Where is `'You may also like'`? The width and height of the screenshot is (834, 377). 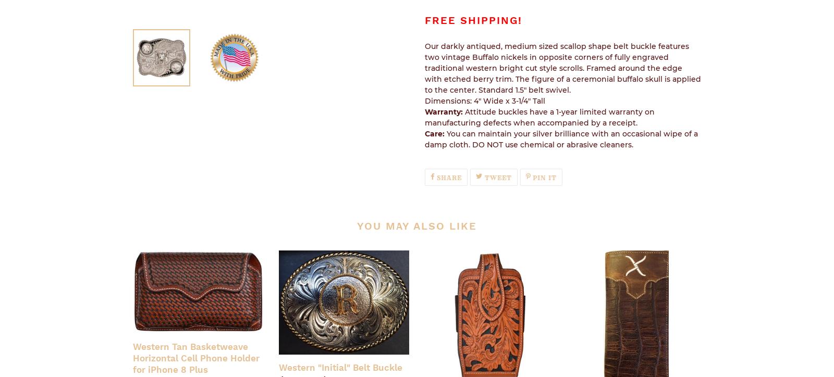
'You may also like' is located at coordinates (416, 225).